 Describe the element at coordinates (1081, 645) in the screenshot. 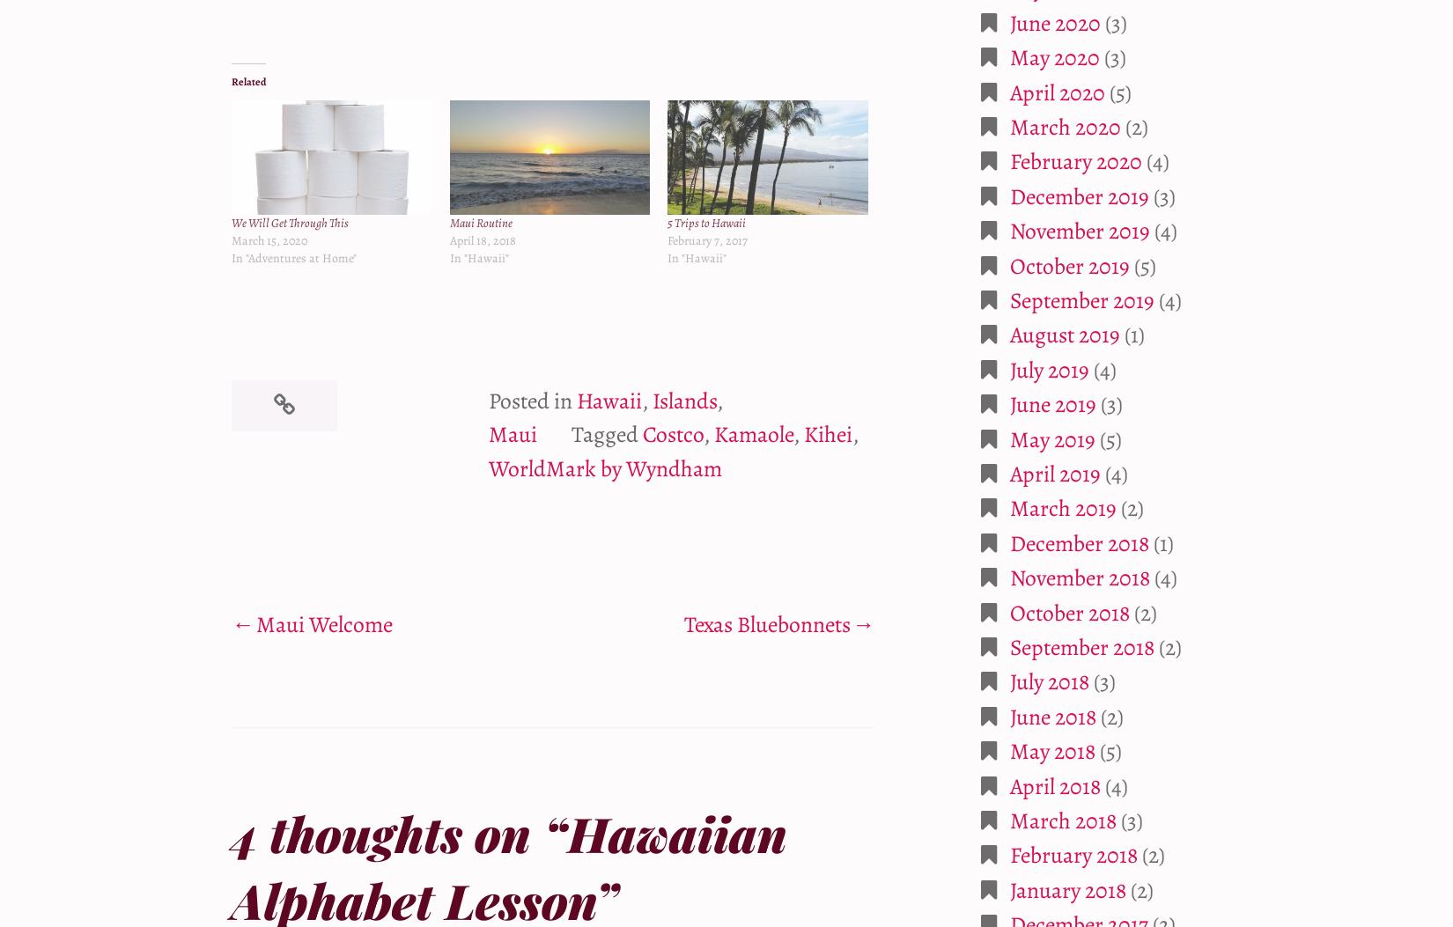

I see `'September 2018'` at that location.